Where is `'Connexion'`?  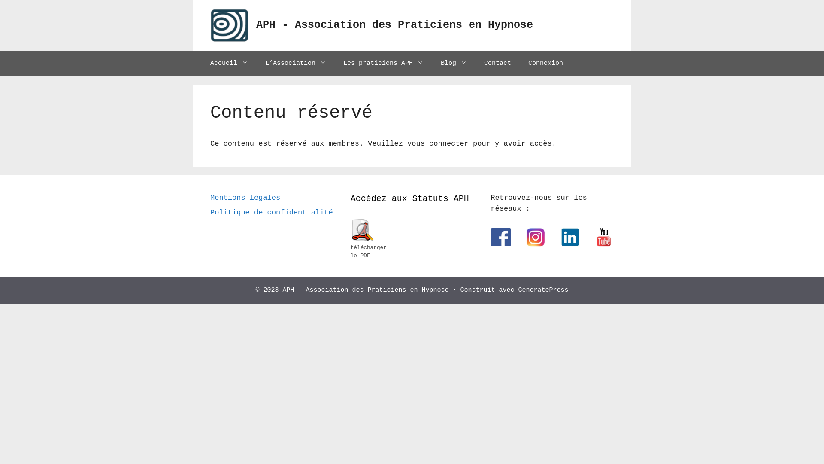
'Connexion' is located at coordinates (545, 63).